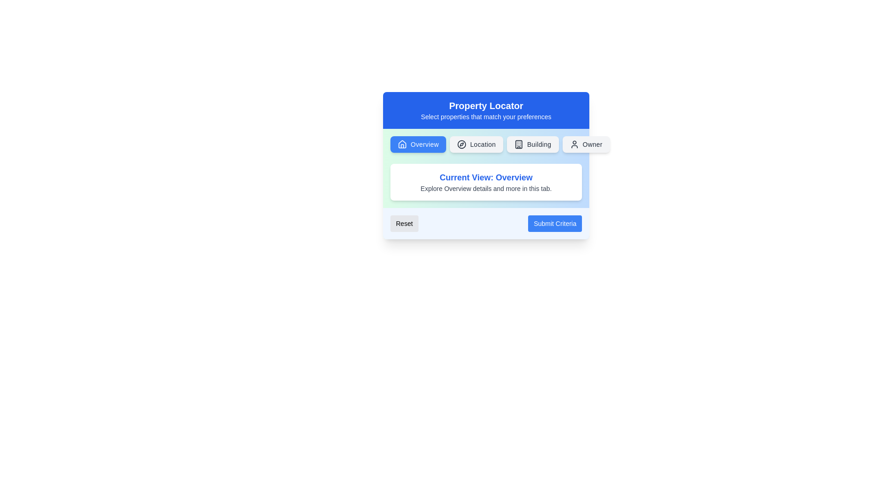  I want to click on the 'Building' text label in the navigation tab, so click(539, 144).